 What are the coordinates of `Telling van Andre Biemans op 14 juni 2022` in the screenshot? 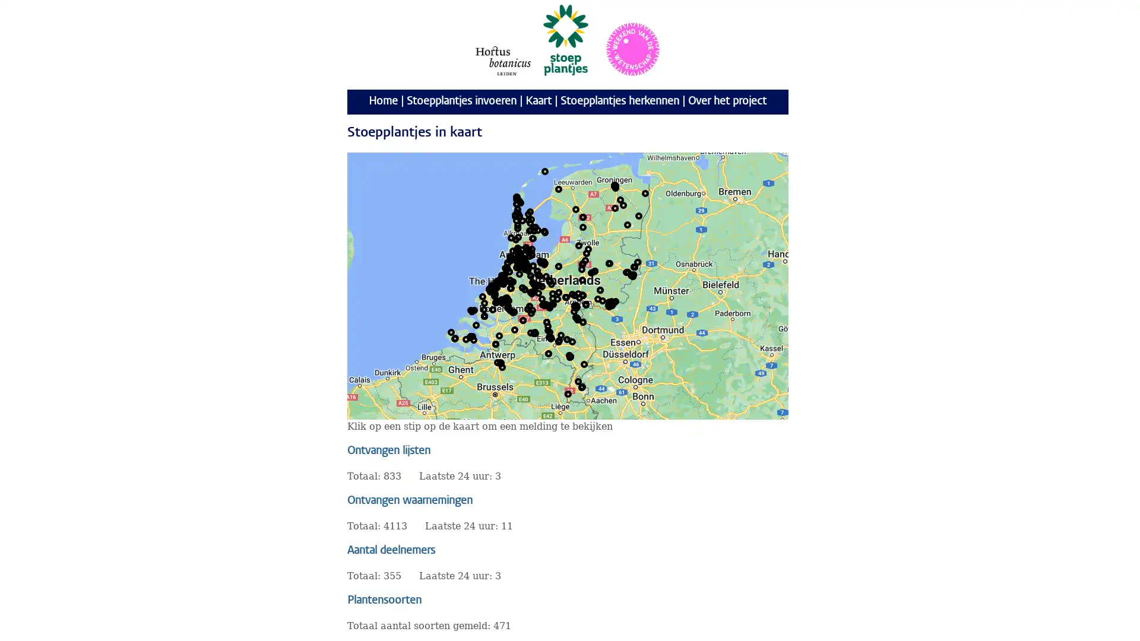 It's located at (502, 281).